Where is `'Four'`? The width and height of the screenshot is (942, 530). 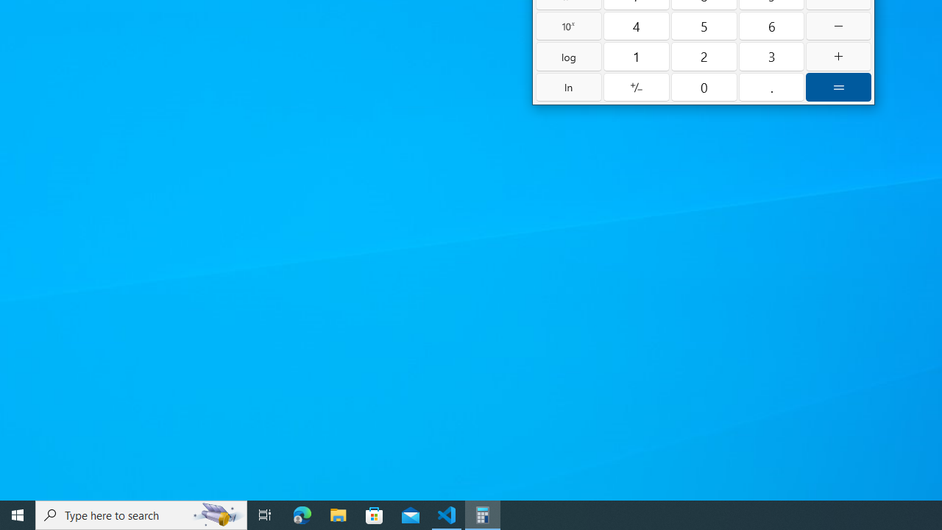
'Four' is located at coordinates (637, 26).